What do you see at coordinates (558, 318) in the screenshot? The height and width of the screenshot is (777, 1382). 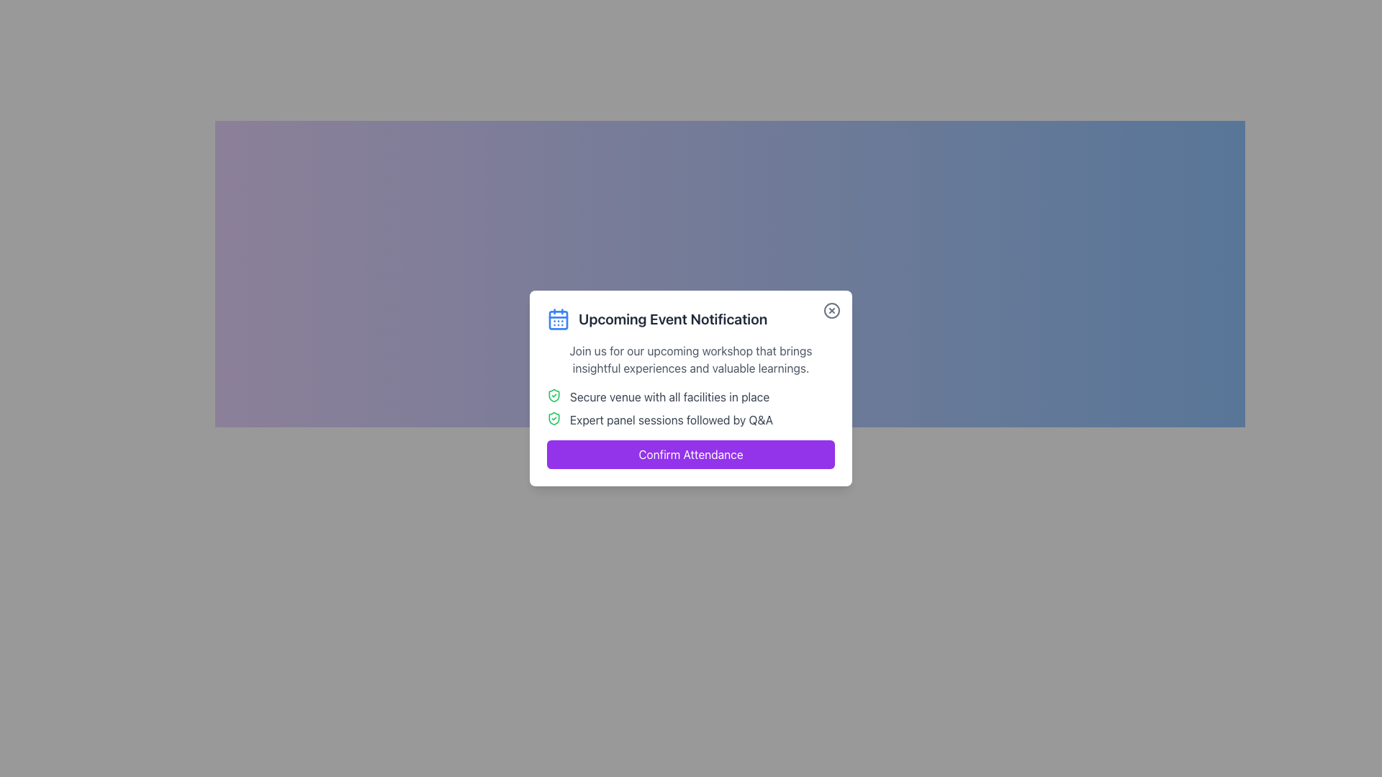 I see `the blue calendar icon located to the left of the heading text 'Upcoming Event Notification'` at bounding box center [558, 318].